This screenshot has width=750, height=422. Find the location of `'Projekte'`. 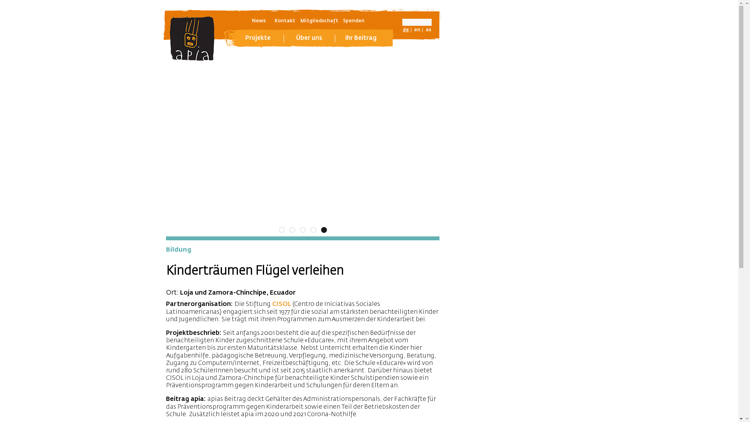

'Projekte' is located at coordinates (258, 38).